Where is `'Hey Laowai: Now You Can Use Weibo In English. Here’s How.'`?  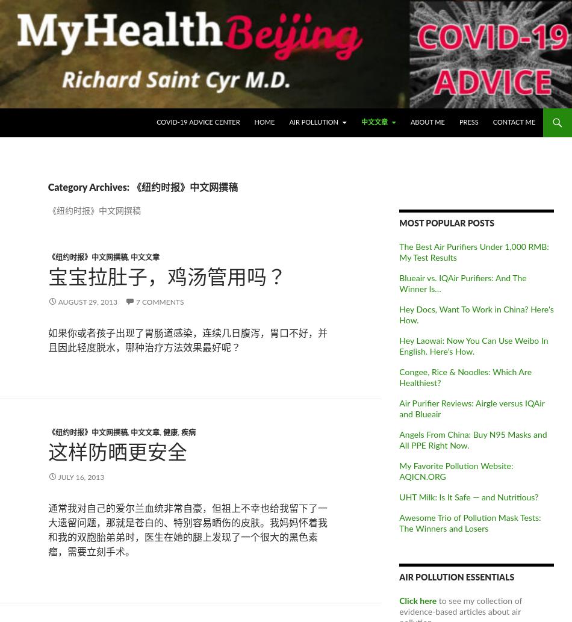 'Hey Laowai: Now You Can Use Weibo In English. Here’s How.' is located at coordinates (399, 345).